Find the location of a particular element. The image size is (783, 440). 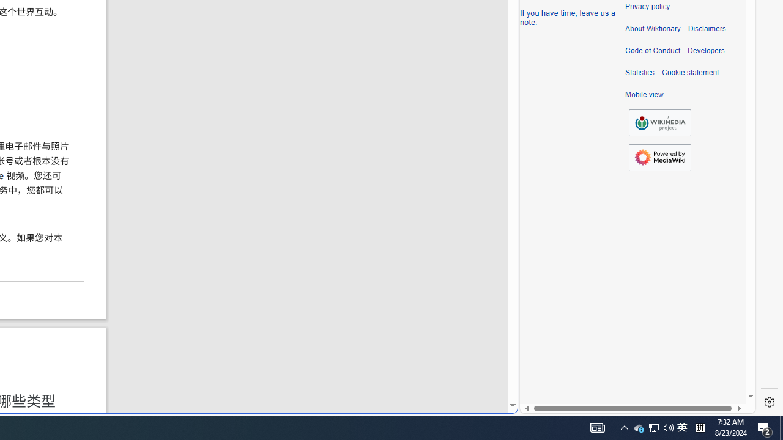

'AutomationID: footer-poweredbyico' is located at coordinates (659, 157).